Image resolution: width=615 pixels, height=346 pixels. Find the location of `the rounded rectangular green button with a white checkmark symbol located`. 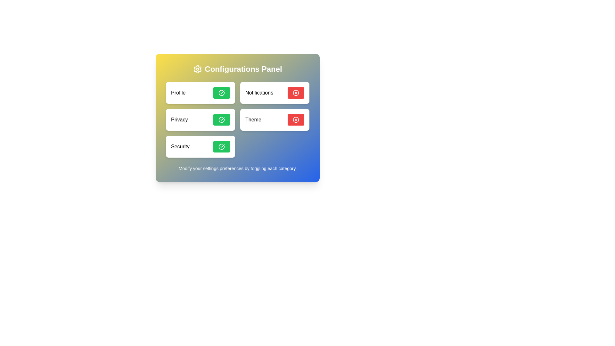

the rounded rectangular green button with a white checkmark symbol located is located at coordinates (221, 93).